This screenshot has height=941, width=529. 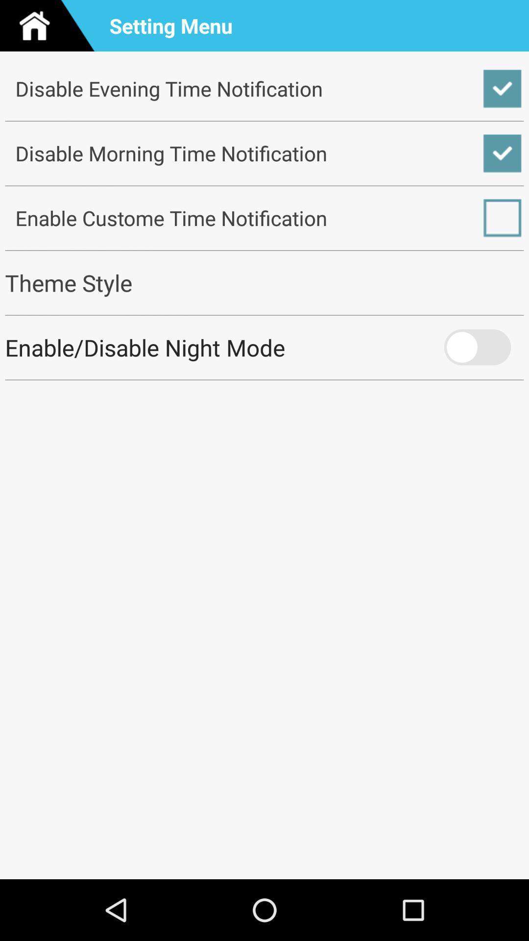 I want to click on app to the left of setting menu icon, so click(x=51, y=25).